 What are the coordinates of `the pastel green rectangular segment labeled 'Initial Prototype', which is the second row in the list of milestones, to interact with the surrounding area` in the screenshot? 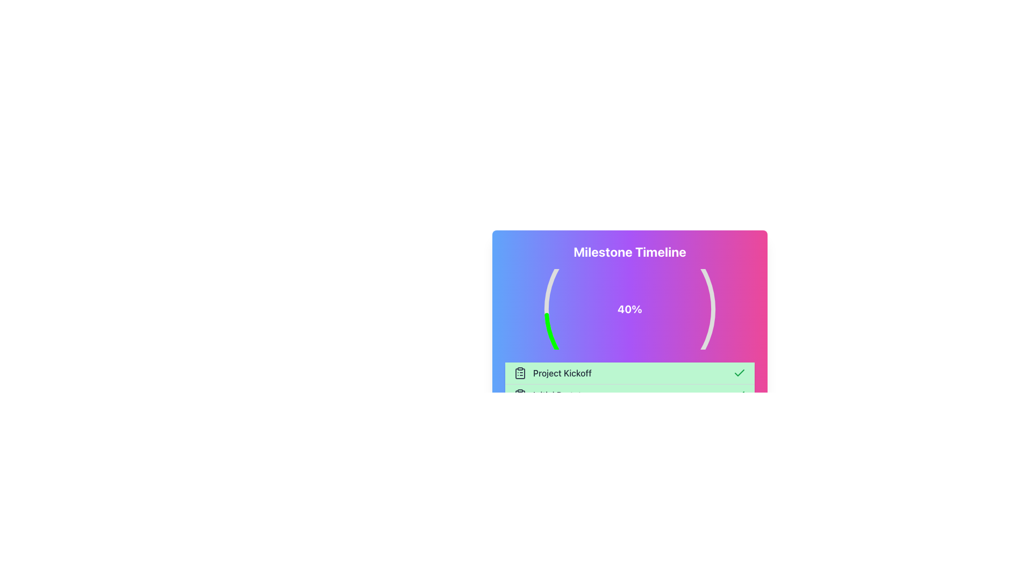 It's located at (629, 395).